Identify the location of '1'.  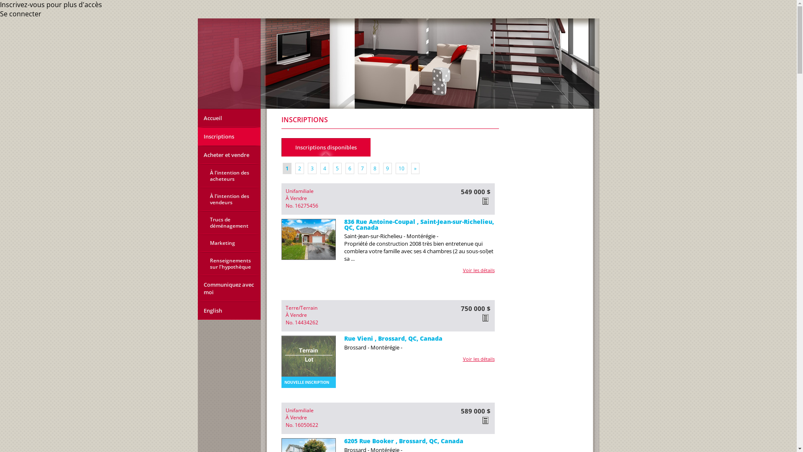
(287, 168).